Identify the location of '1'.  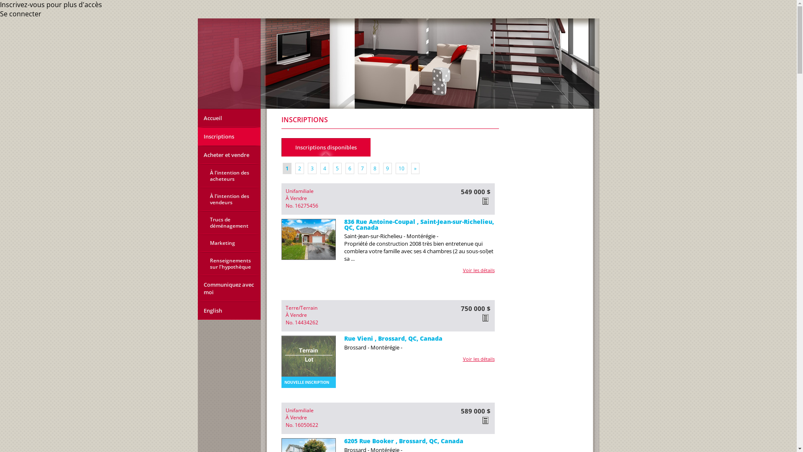
(287, 168).